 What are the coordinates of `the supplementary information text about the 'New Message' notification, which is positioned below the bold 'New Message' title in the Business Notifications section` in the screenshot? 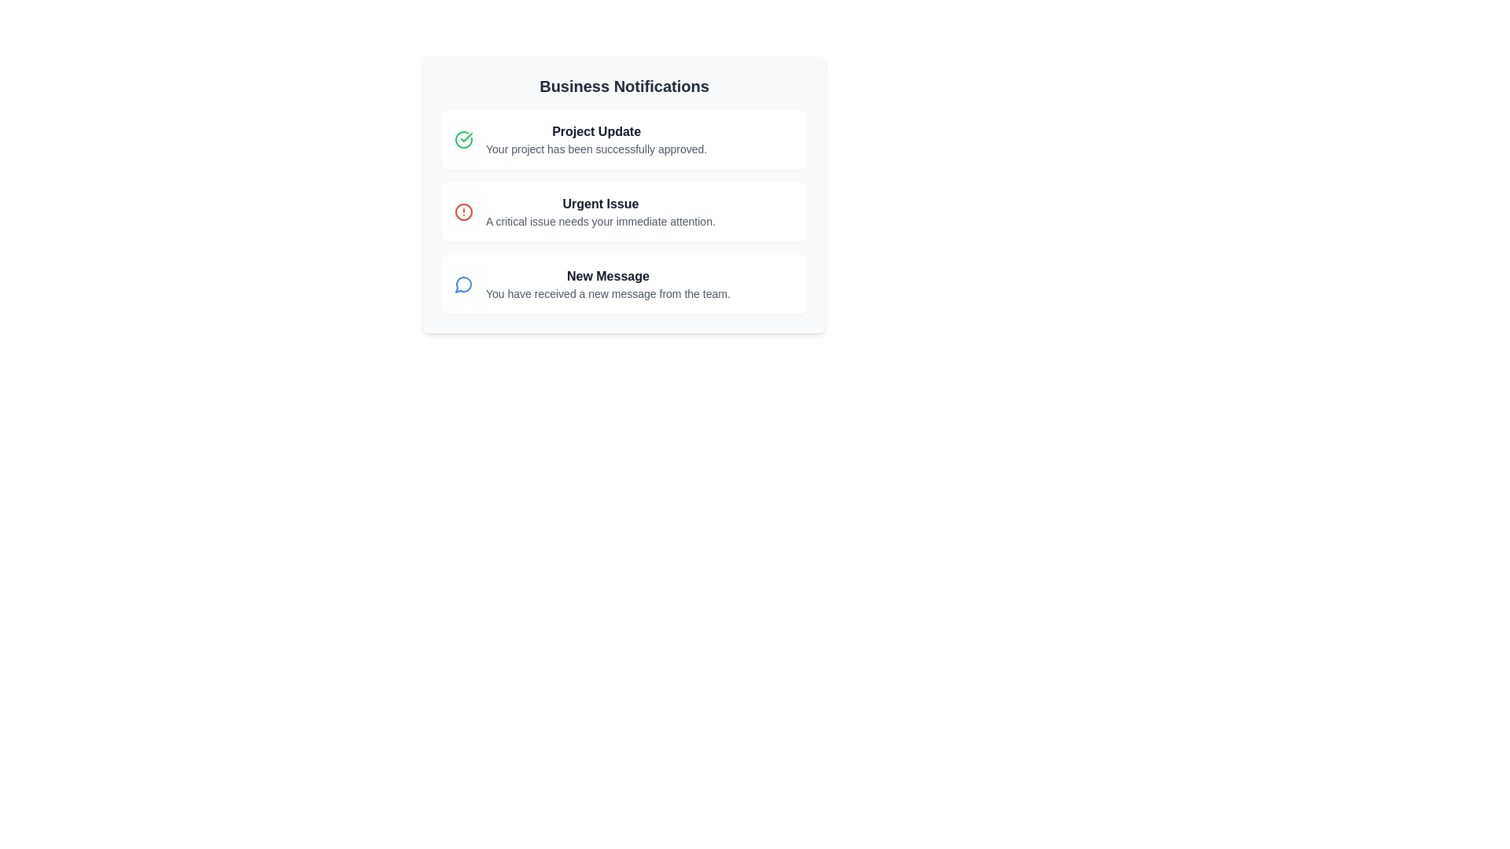 It's located at (607, 294).